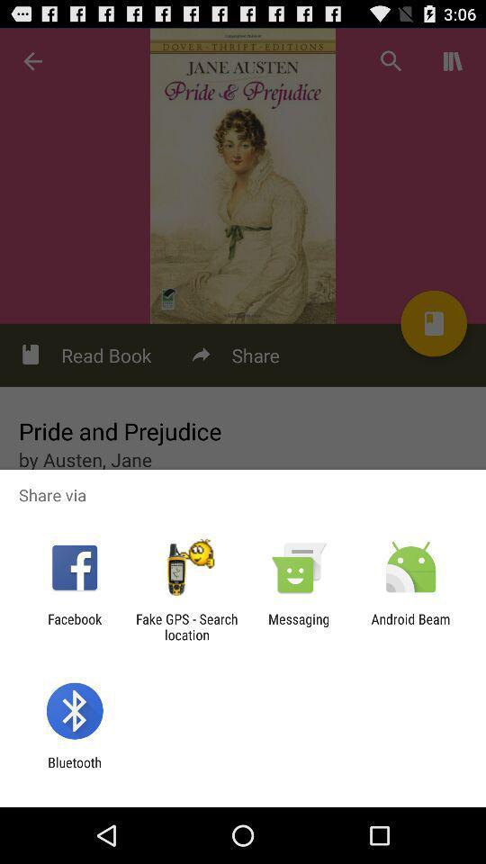  I want to click on the messaging app, so click(299, 626).